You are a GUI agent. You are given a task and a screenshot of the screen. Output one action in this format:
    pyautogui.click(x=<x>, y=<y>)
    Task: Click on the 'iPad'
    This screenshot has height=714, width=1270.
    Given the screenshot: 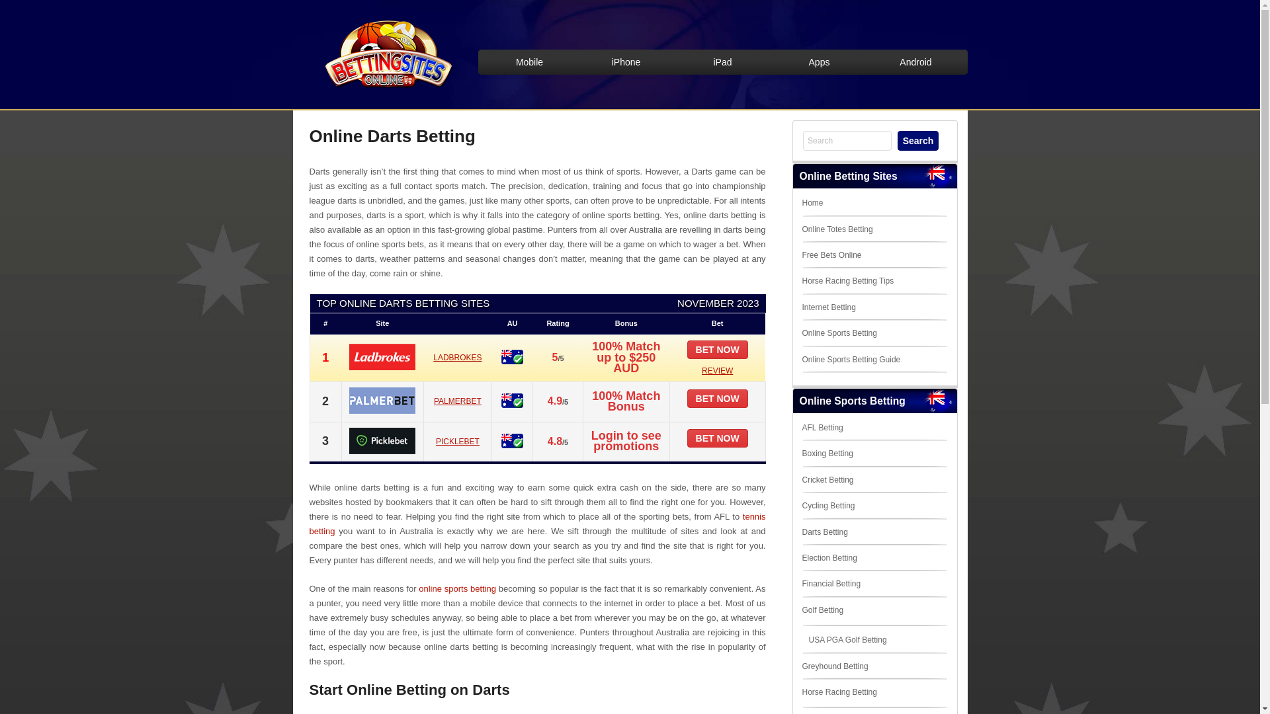 What is the action you would take?
    pyautogui.click(x=722, y=61)
    